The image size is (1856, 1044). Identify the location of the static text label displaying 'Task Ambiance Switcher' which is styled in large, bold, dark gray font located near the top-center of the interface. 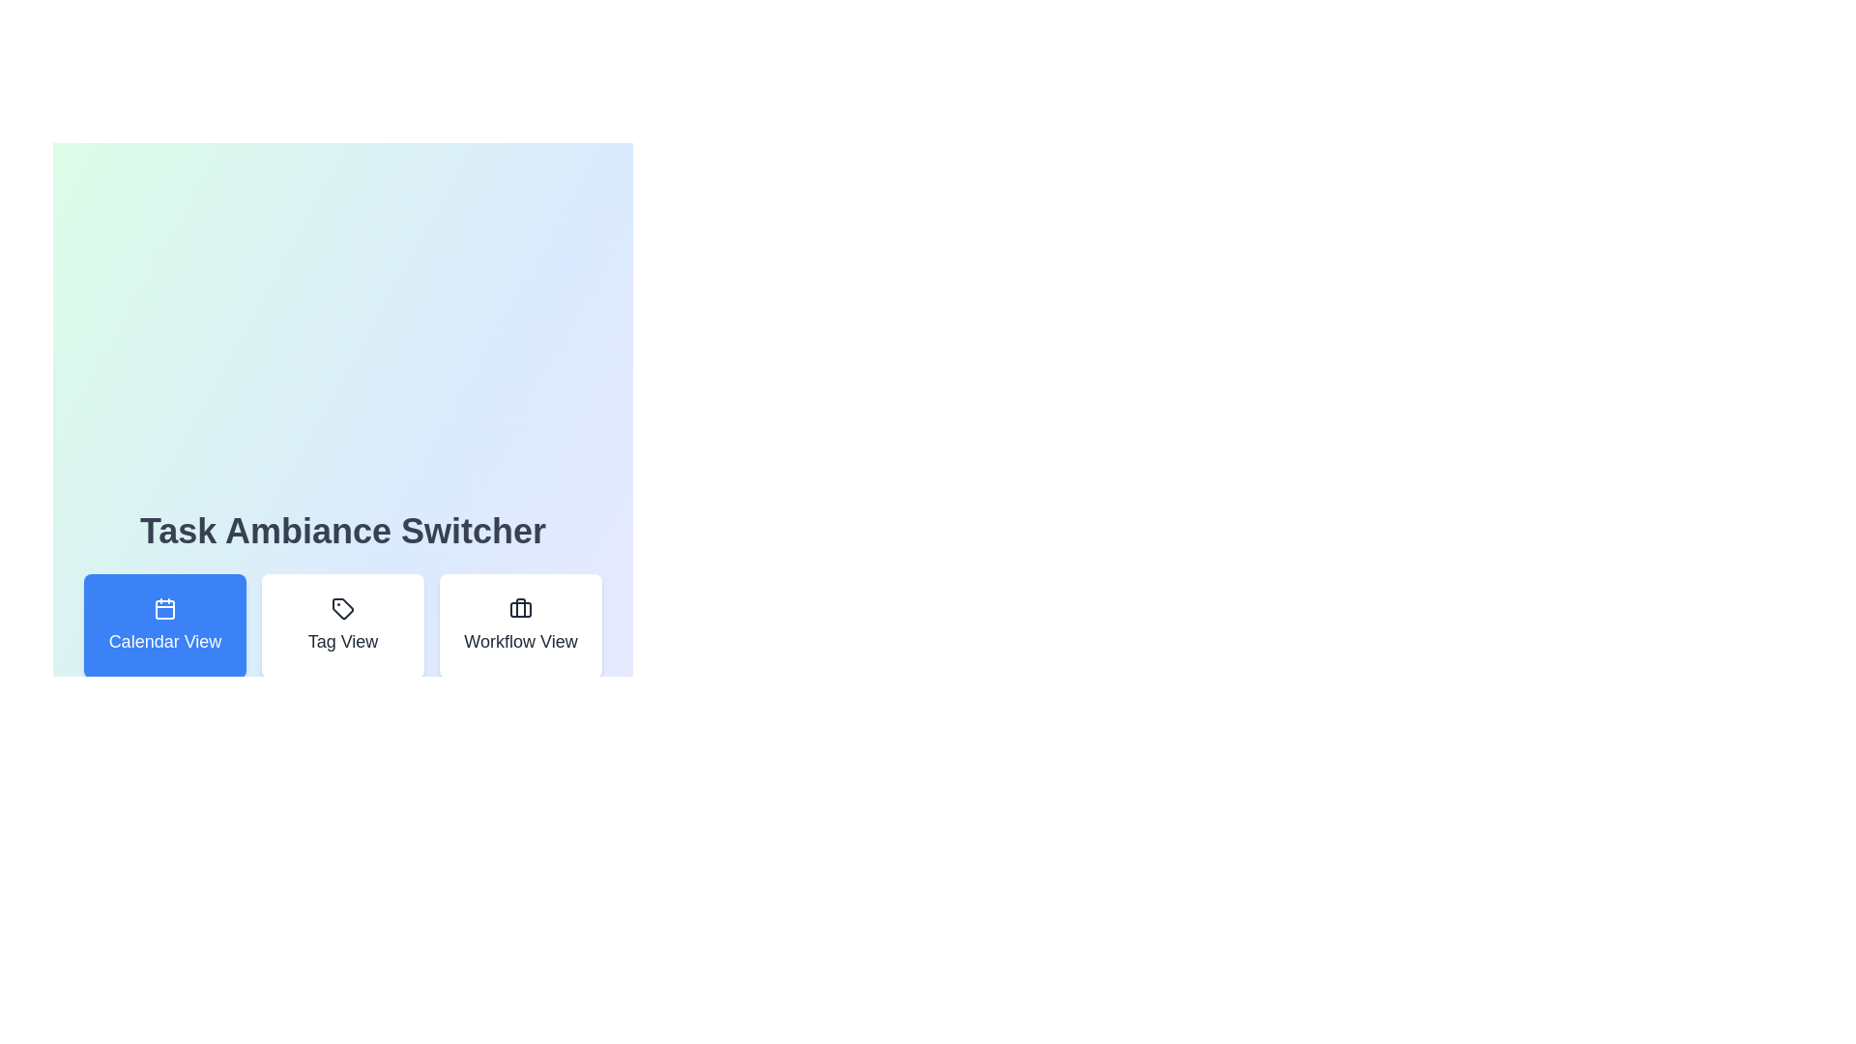
(343, 532).